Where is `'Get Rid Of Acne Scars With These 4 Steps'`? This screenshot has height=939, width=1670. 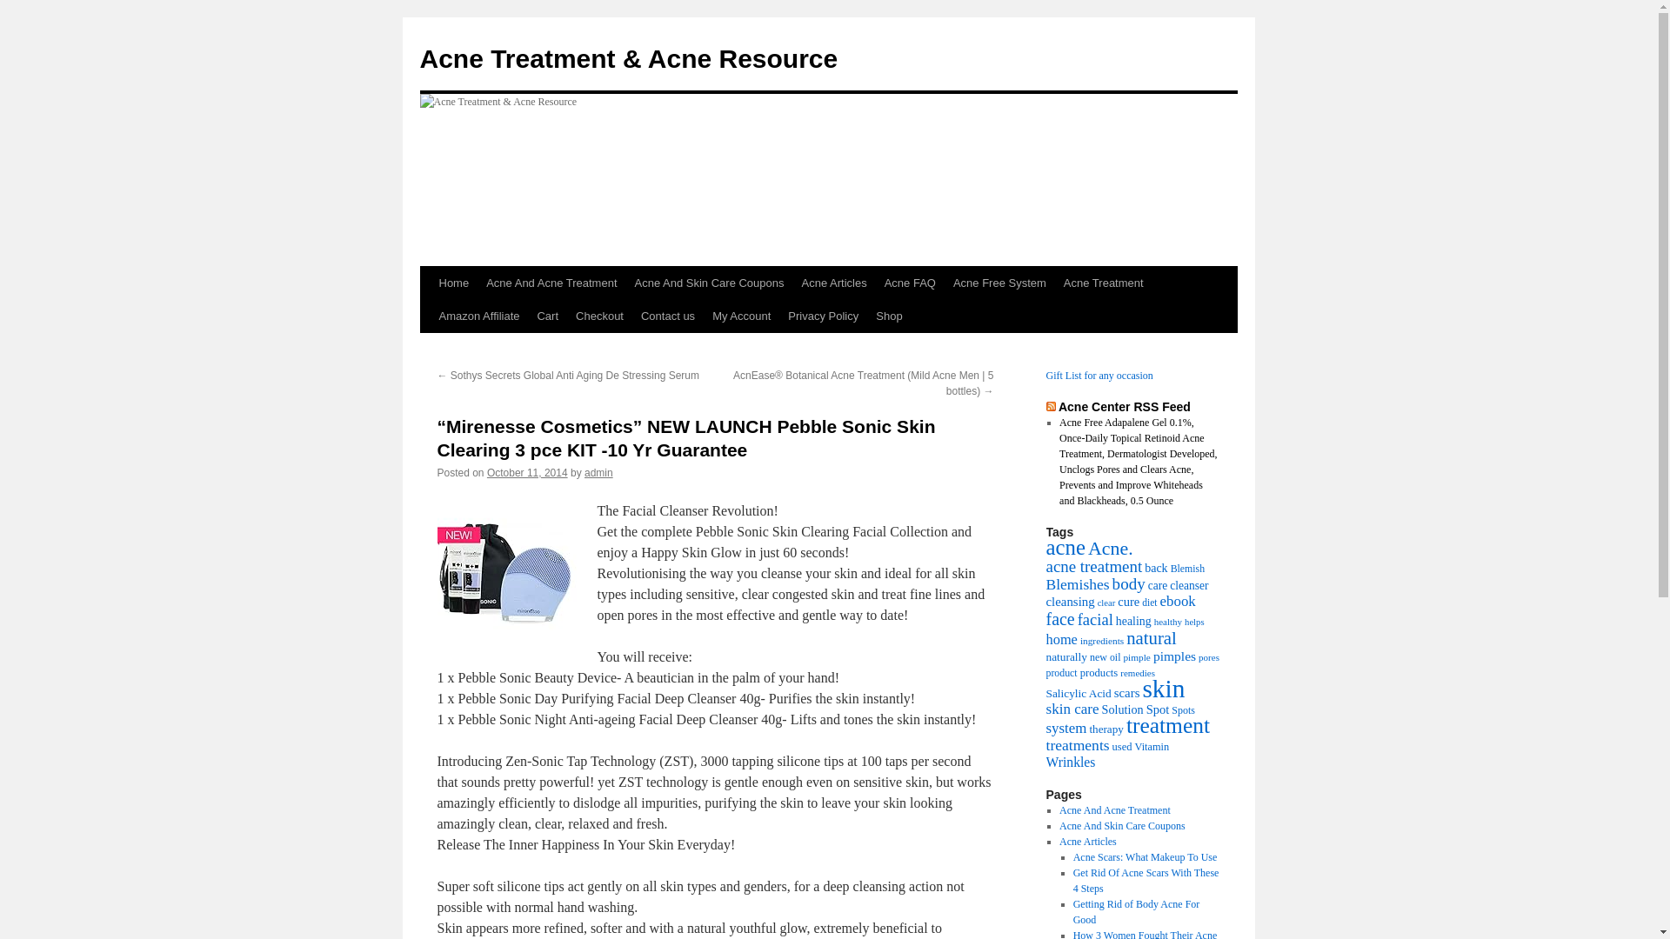 'Get Rid Of Acne Scars With These 4 Steps' is located at coordinates (1146, 881).